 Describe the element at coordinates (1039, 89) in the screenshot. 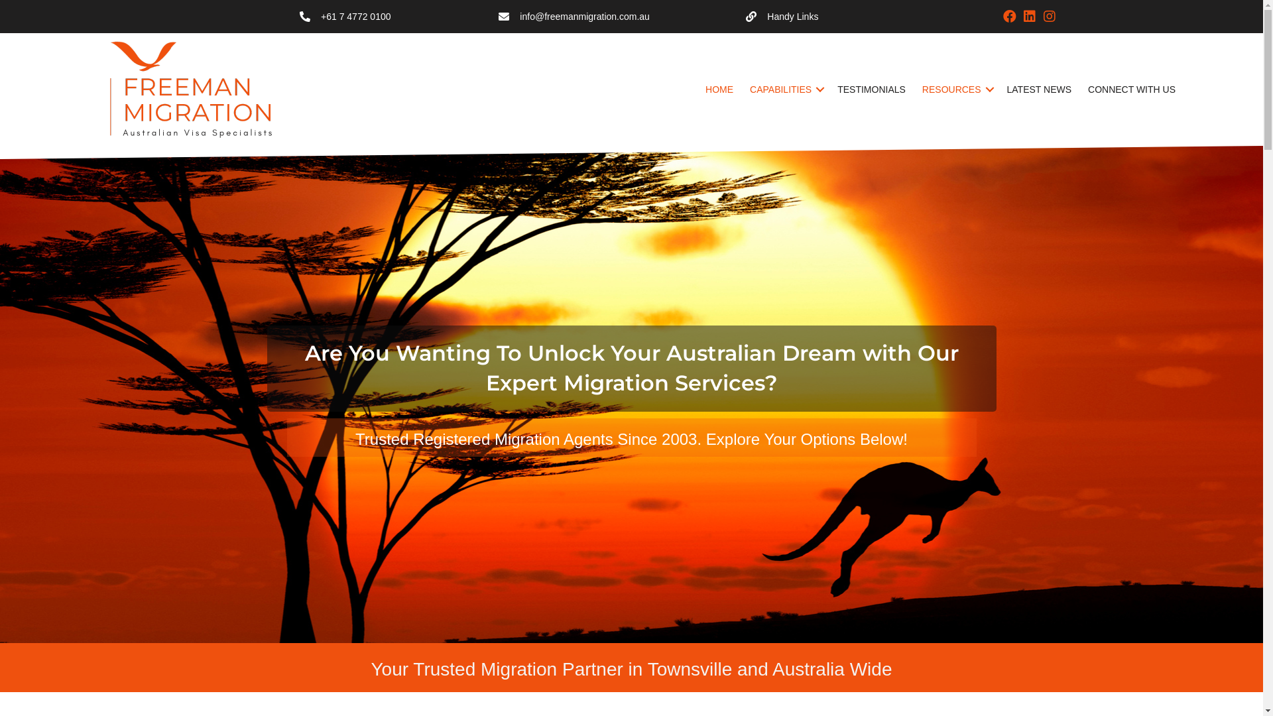

I see `'LATEST NEWS'` at that location.